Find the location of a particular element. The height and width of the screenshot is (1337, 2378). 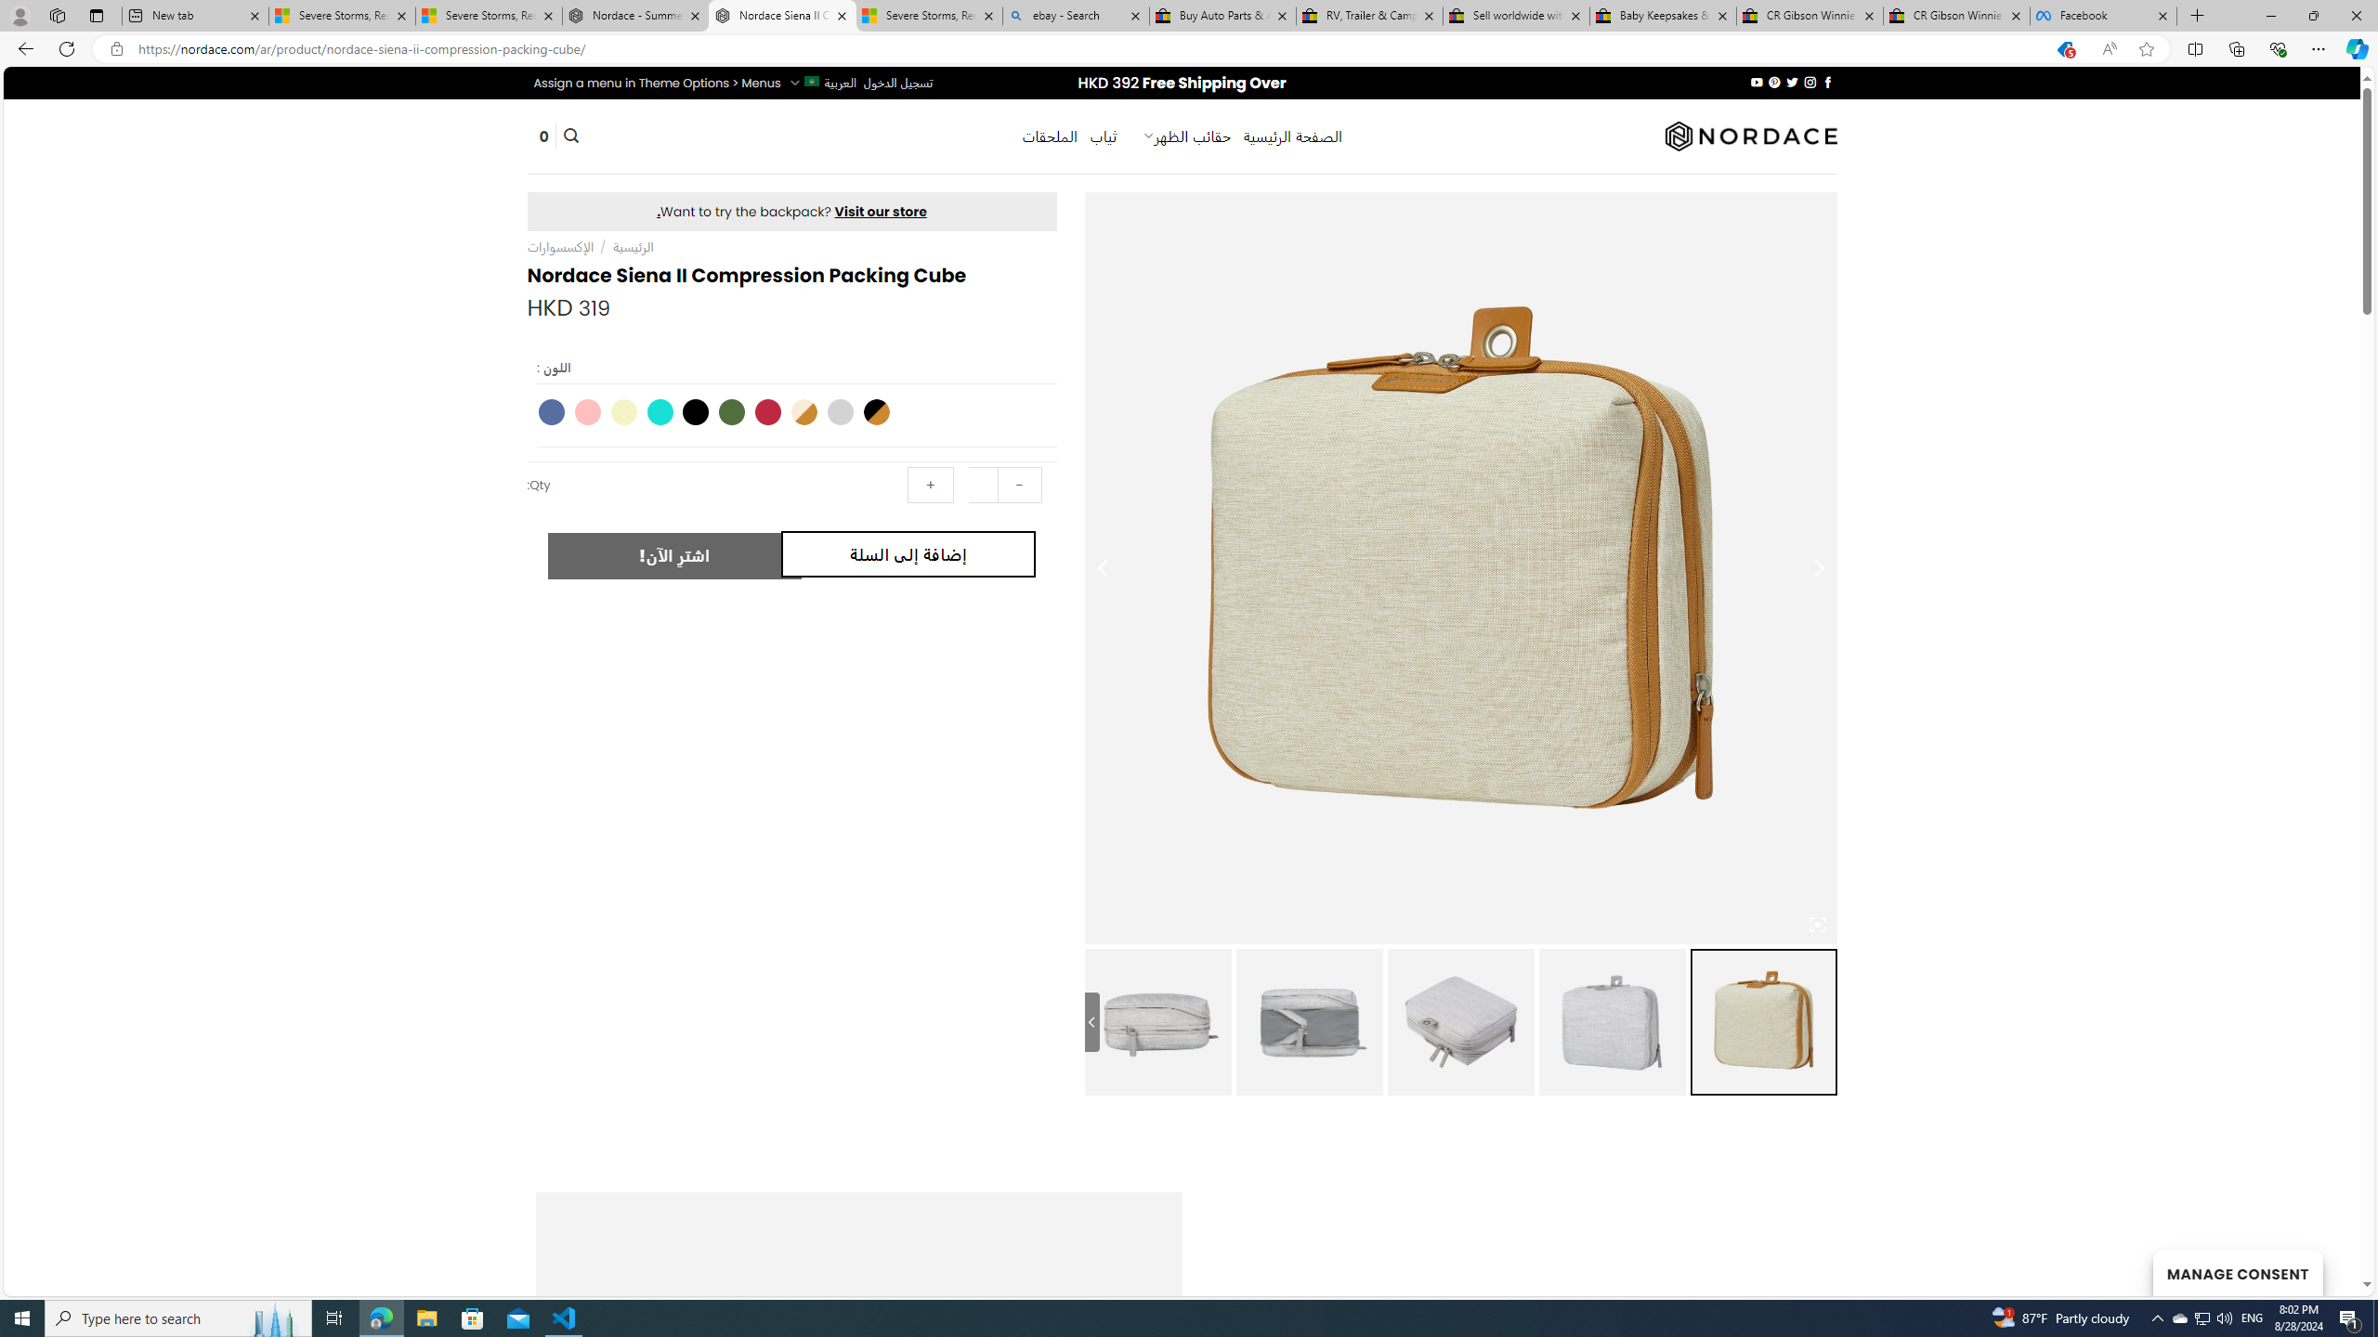

'-' is located at coordinates (1018, 484).